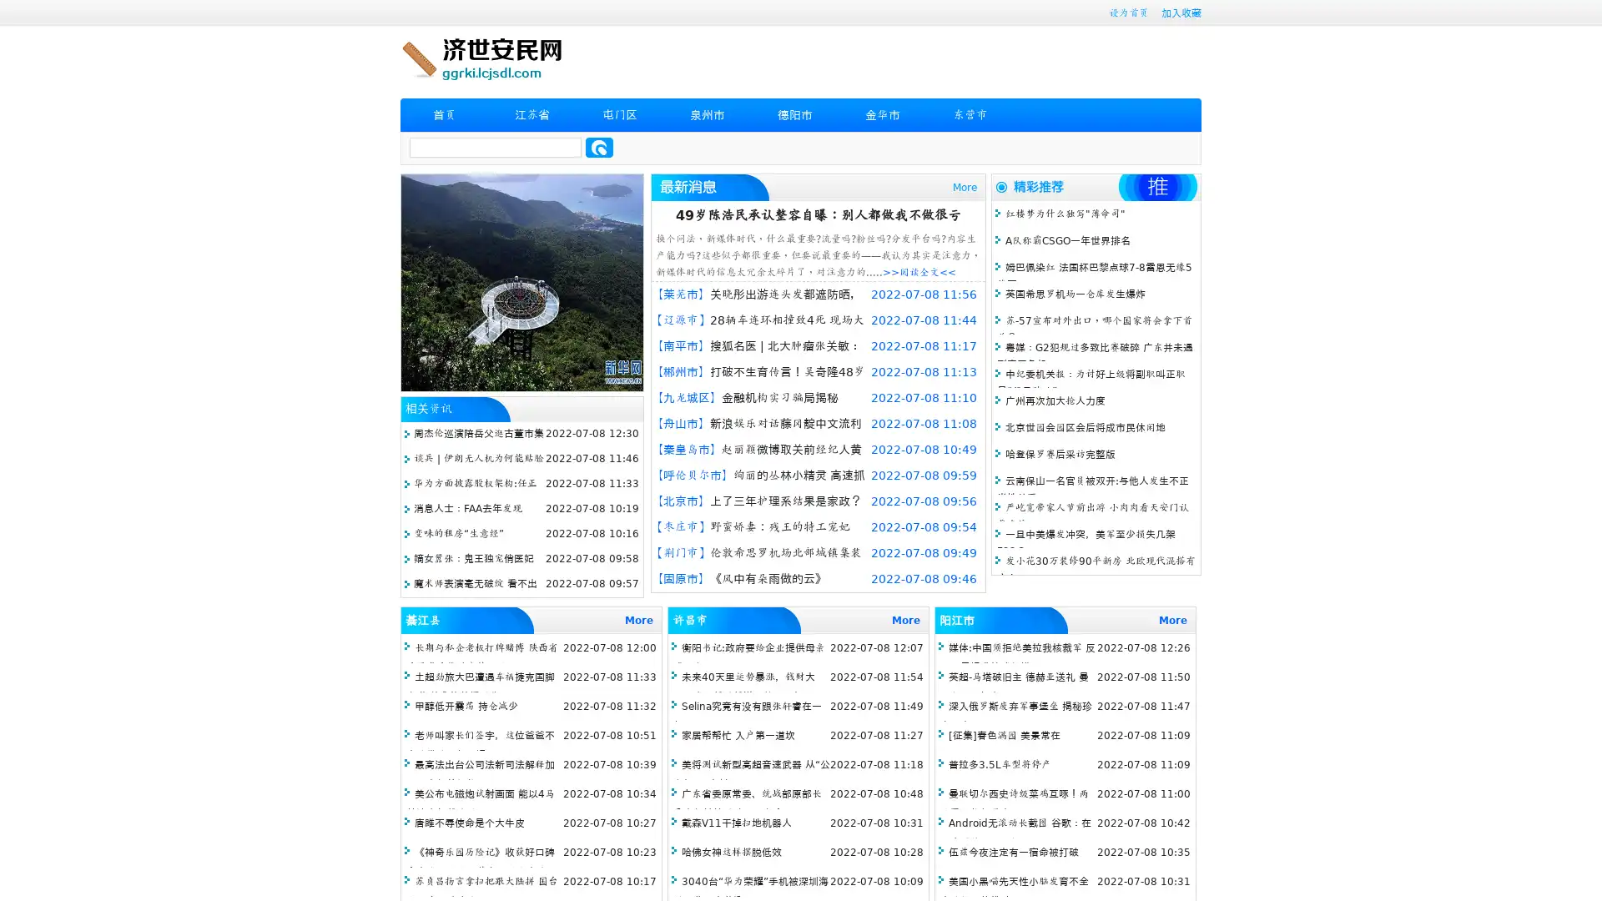 This screenshot has height=901, width=1602. I want to click on Search, so click(599, 147).